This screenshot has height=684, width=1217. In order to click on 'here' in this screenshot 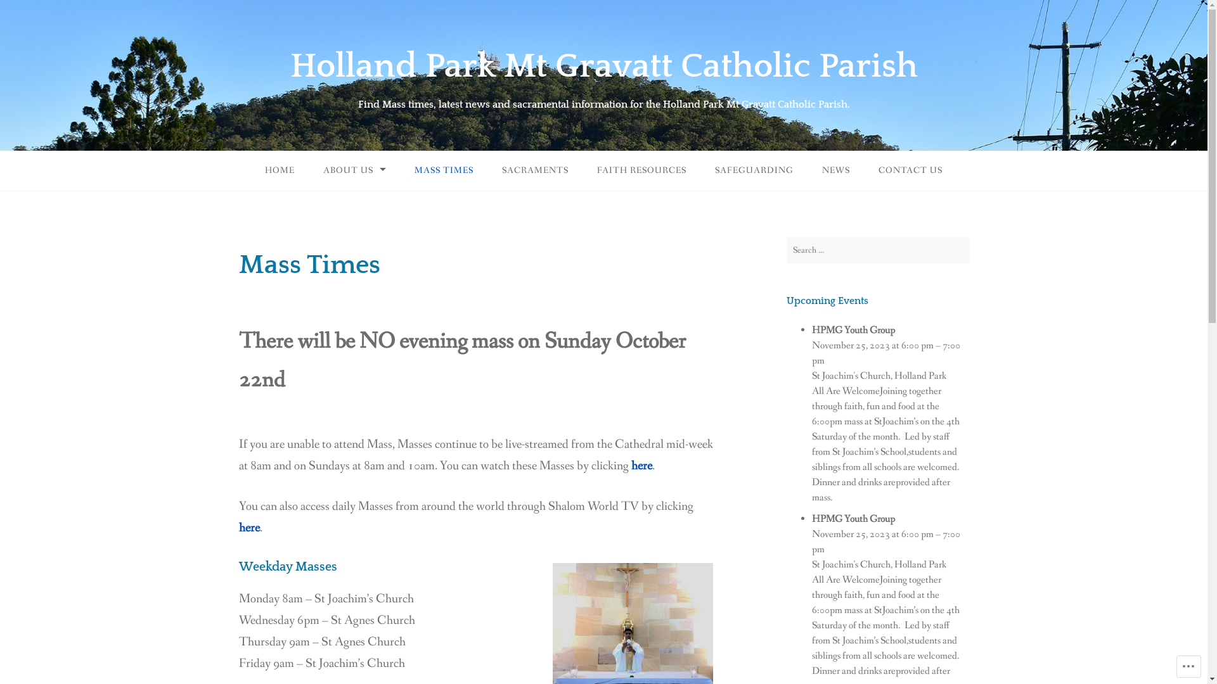, I will do `click(641, 466)`.